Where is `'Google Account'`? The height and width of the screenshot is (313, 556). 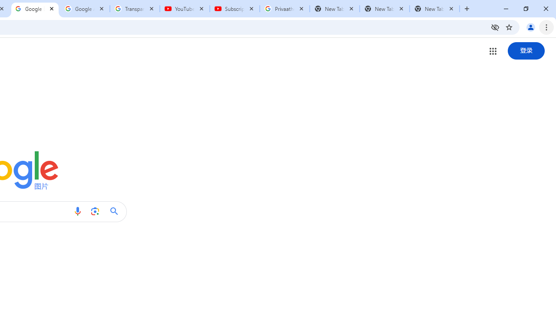
'Google Account' is located at coordinates (85, 9).